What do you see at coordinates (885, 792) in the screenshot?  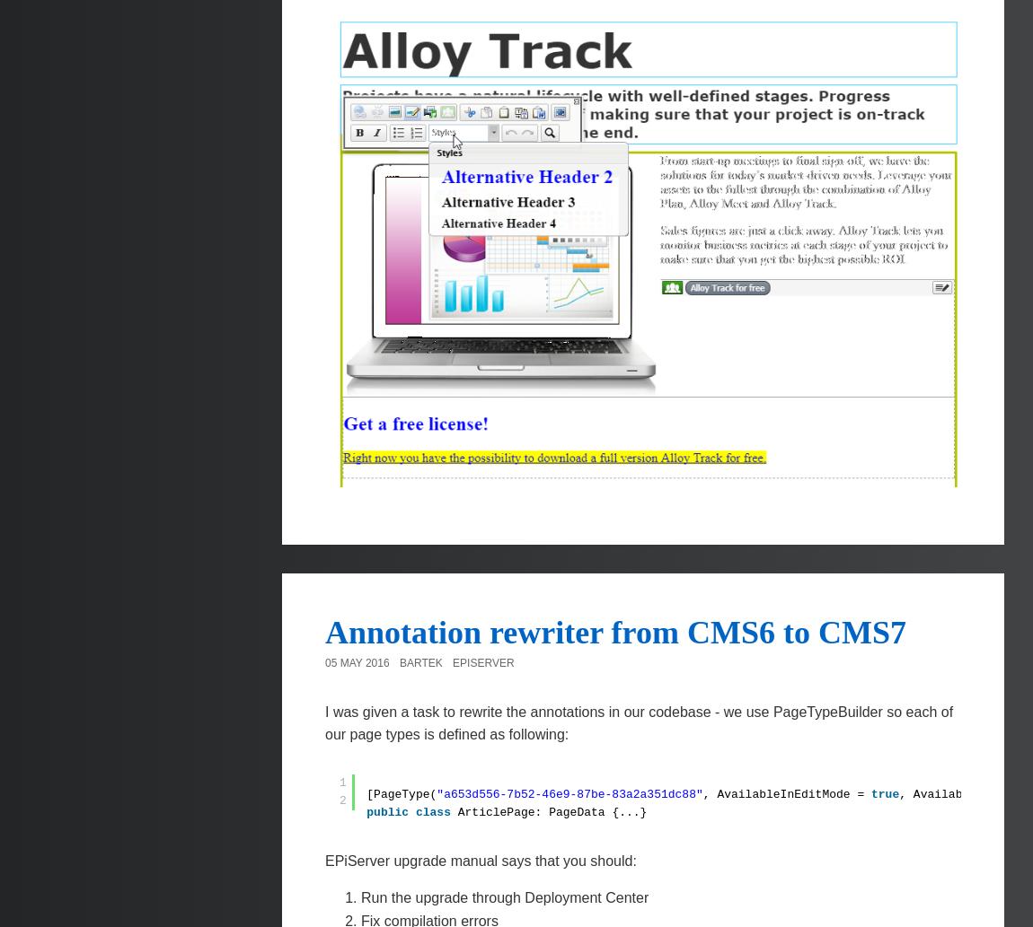 I see `'true'` at bounding box center [885, 792].